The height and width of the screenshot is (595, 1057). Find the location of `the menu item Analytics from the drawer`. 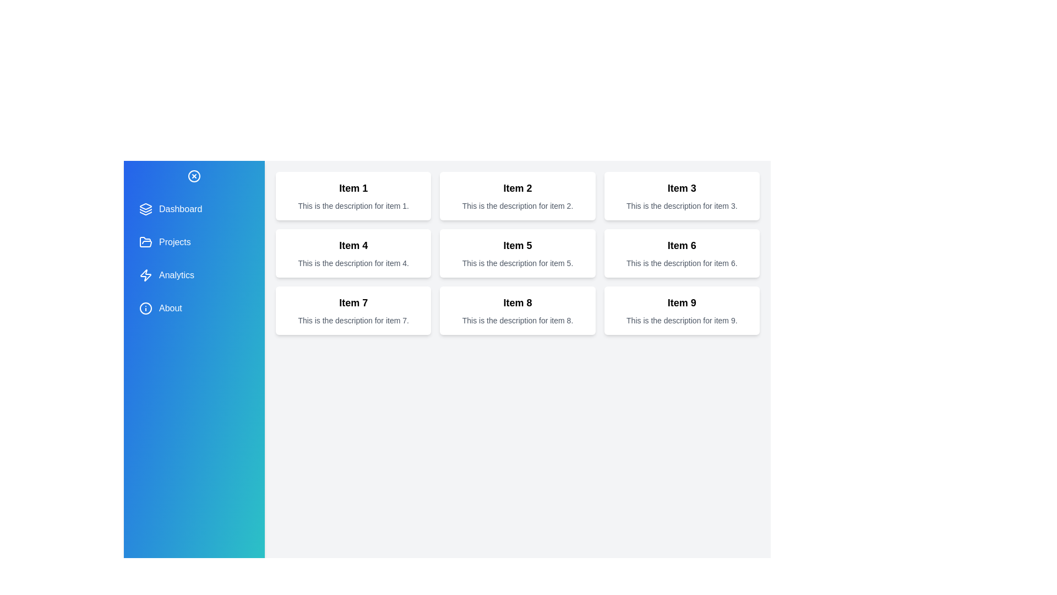

the menu item Analytics from the drawer is located at coordinates (194, 275).